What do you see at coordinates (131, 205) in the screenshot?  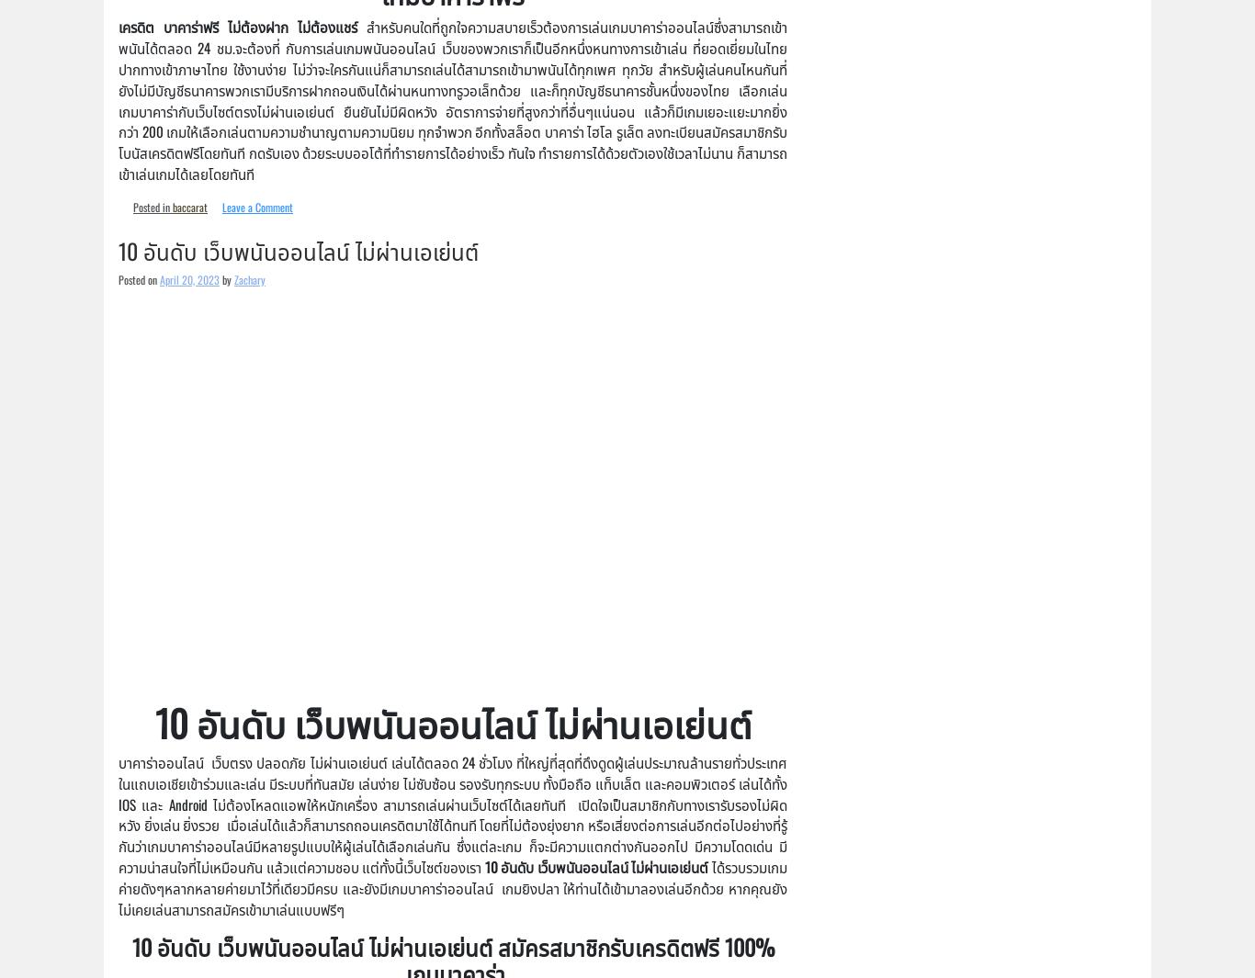 I see `'Posted in'` at bounding box center [131, 205].